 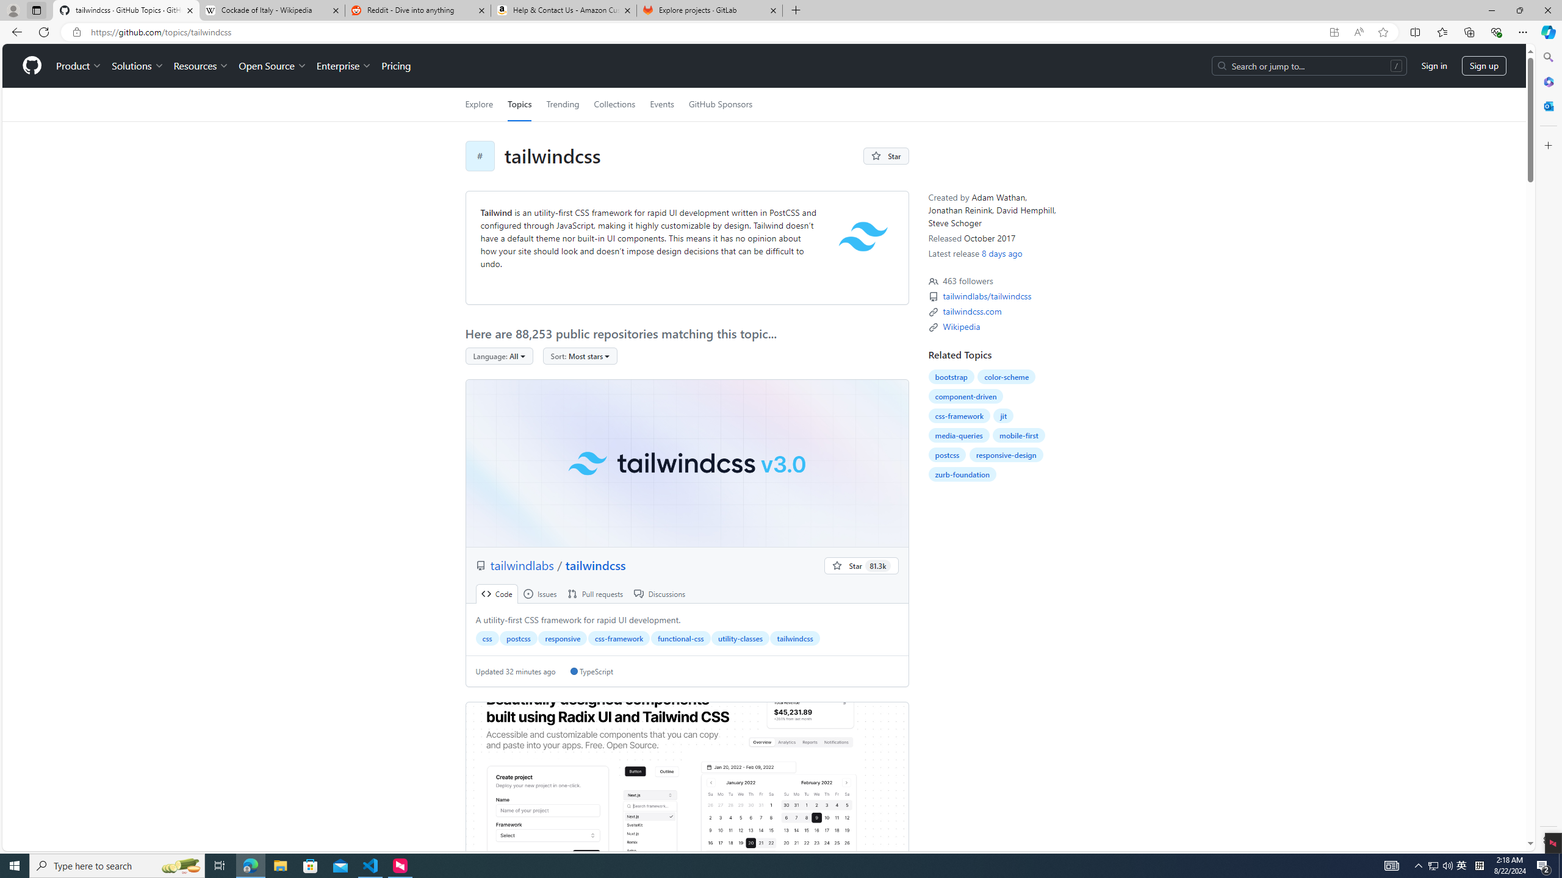 I want to click on 'Sign up', so click(x=1483, y=65).